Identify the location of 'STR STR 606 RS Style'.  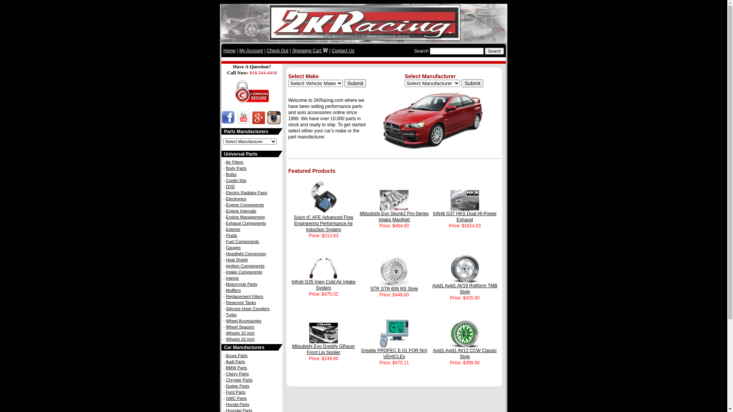
(394, 286).